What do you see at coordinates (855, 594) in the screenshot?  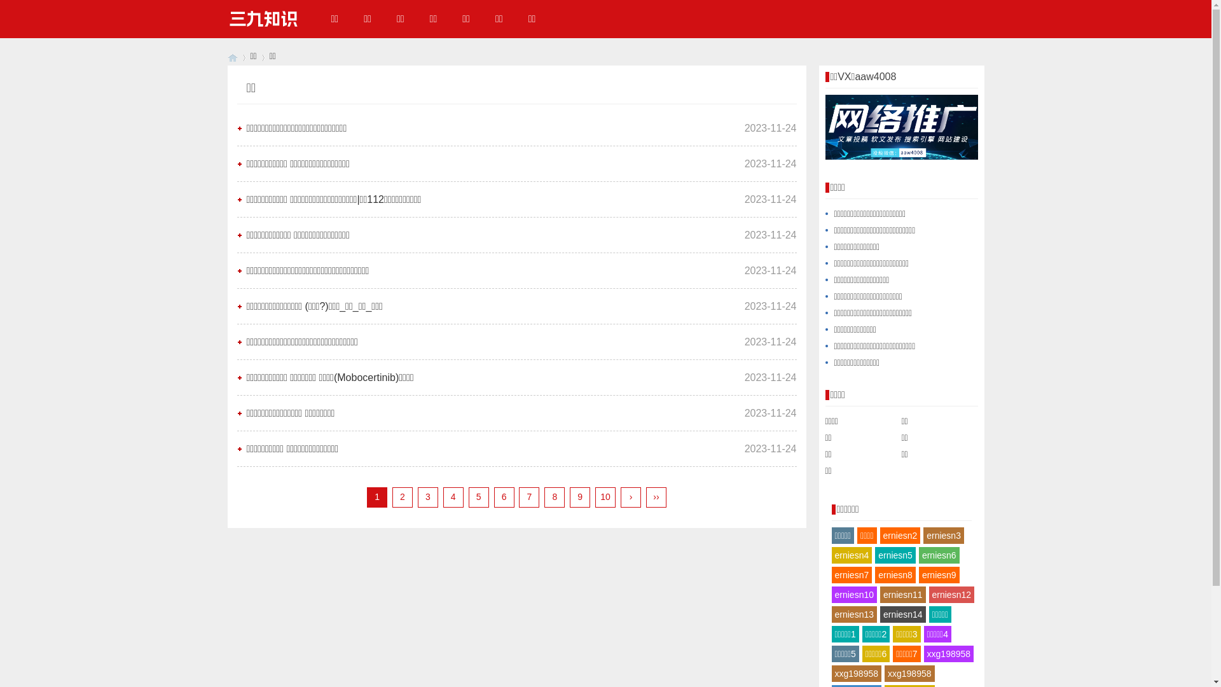 I see `'erniesn10'` at bounding box center [855, 594].